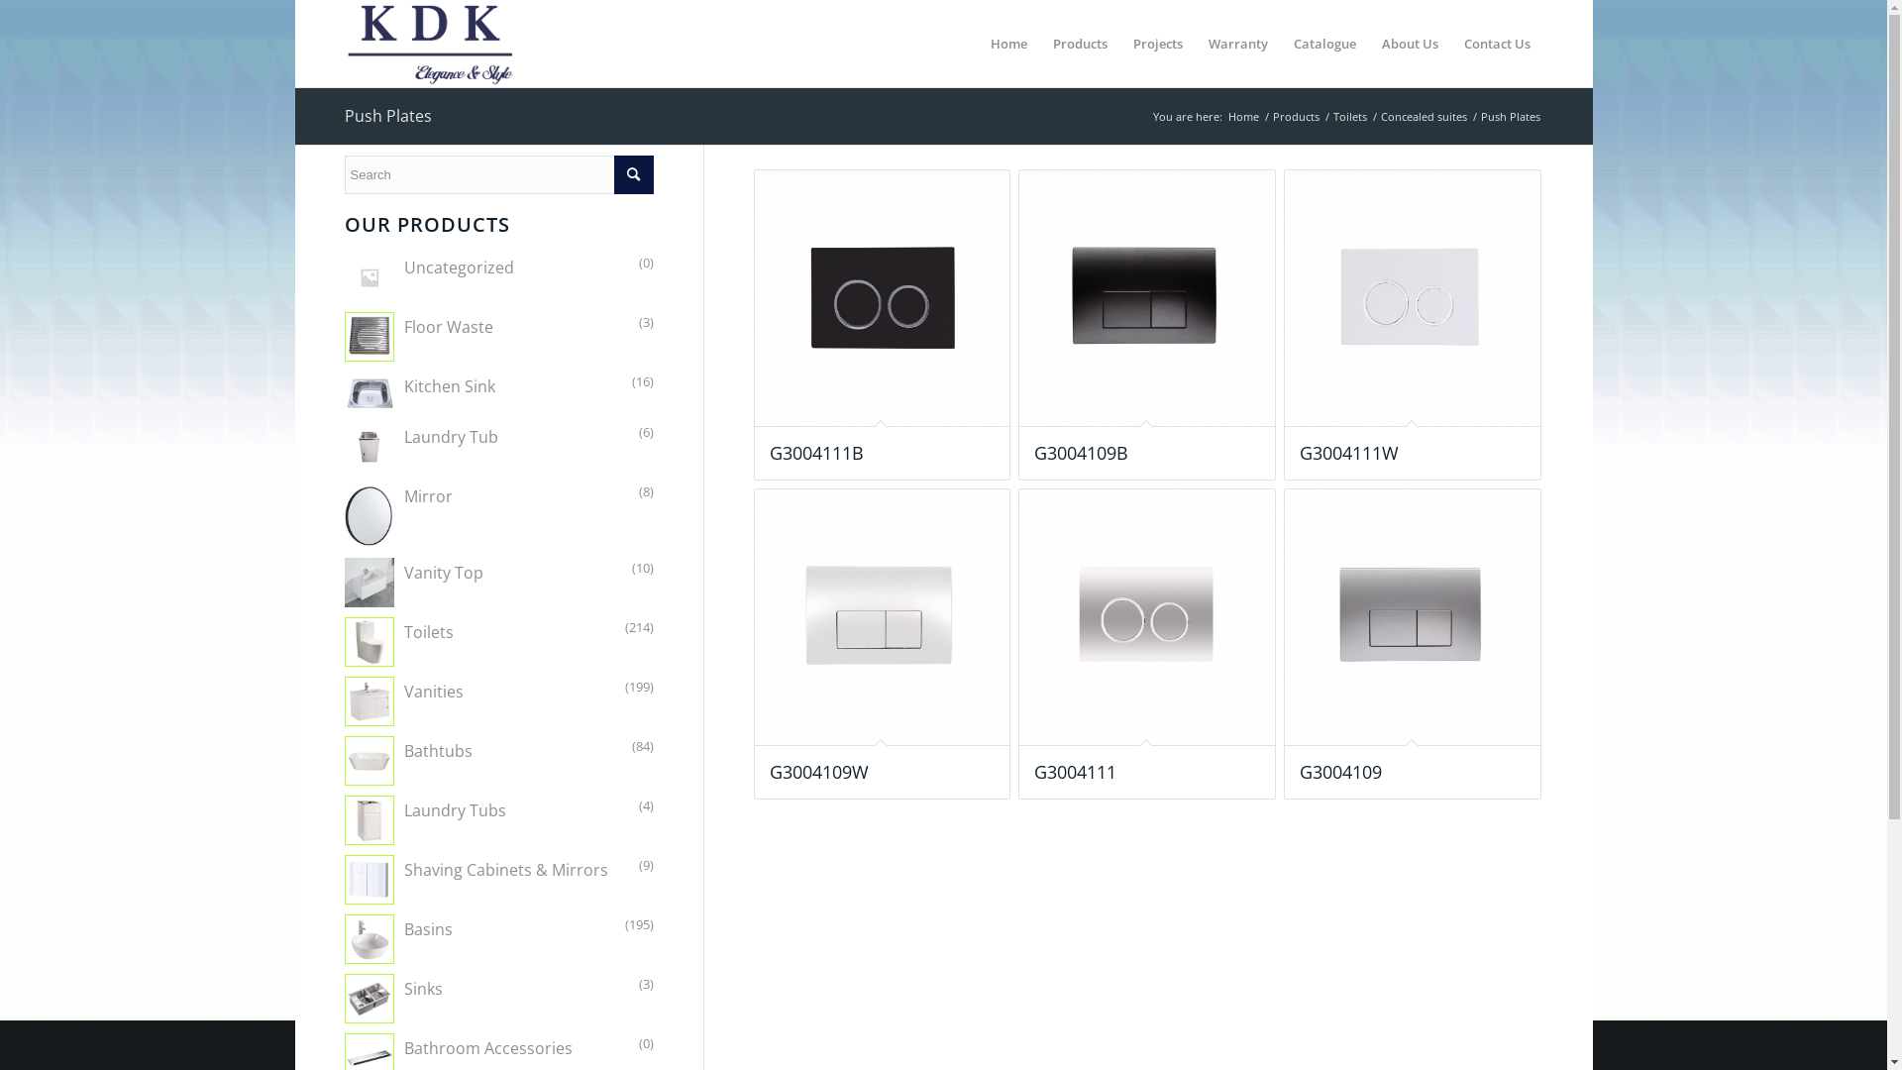 The height and width of the screenshot is (1070, 1902). What do you see at coordinates (370, 759) in the screenshot?
I see `'Bathtubs'` at bounding box center [370, 759].